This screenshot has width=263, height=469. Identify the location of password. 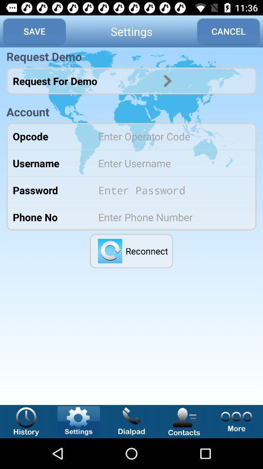
(170, 190).